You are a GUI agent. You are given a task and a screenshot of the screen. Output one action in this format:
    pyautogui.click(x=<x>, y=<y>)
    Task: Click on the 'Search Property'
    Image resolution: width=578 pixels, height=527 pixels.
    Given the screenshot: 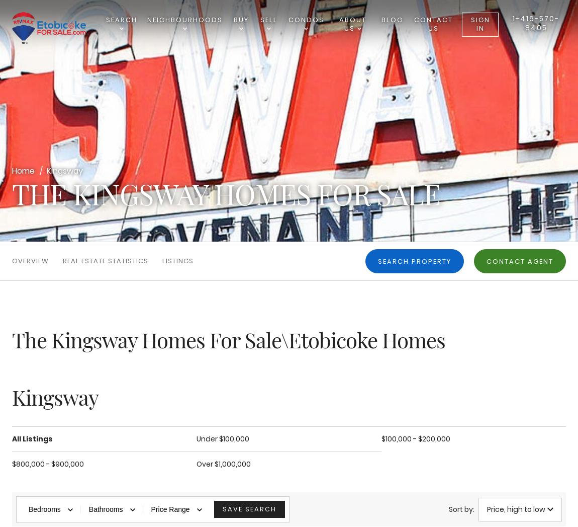 What is the action you would take?
    pyautogui.click(x=414, y=261)
    